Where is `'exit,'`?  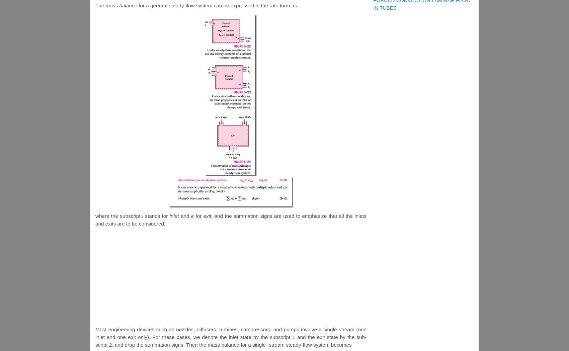
'exit,' is located at coordinates (208, 215).